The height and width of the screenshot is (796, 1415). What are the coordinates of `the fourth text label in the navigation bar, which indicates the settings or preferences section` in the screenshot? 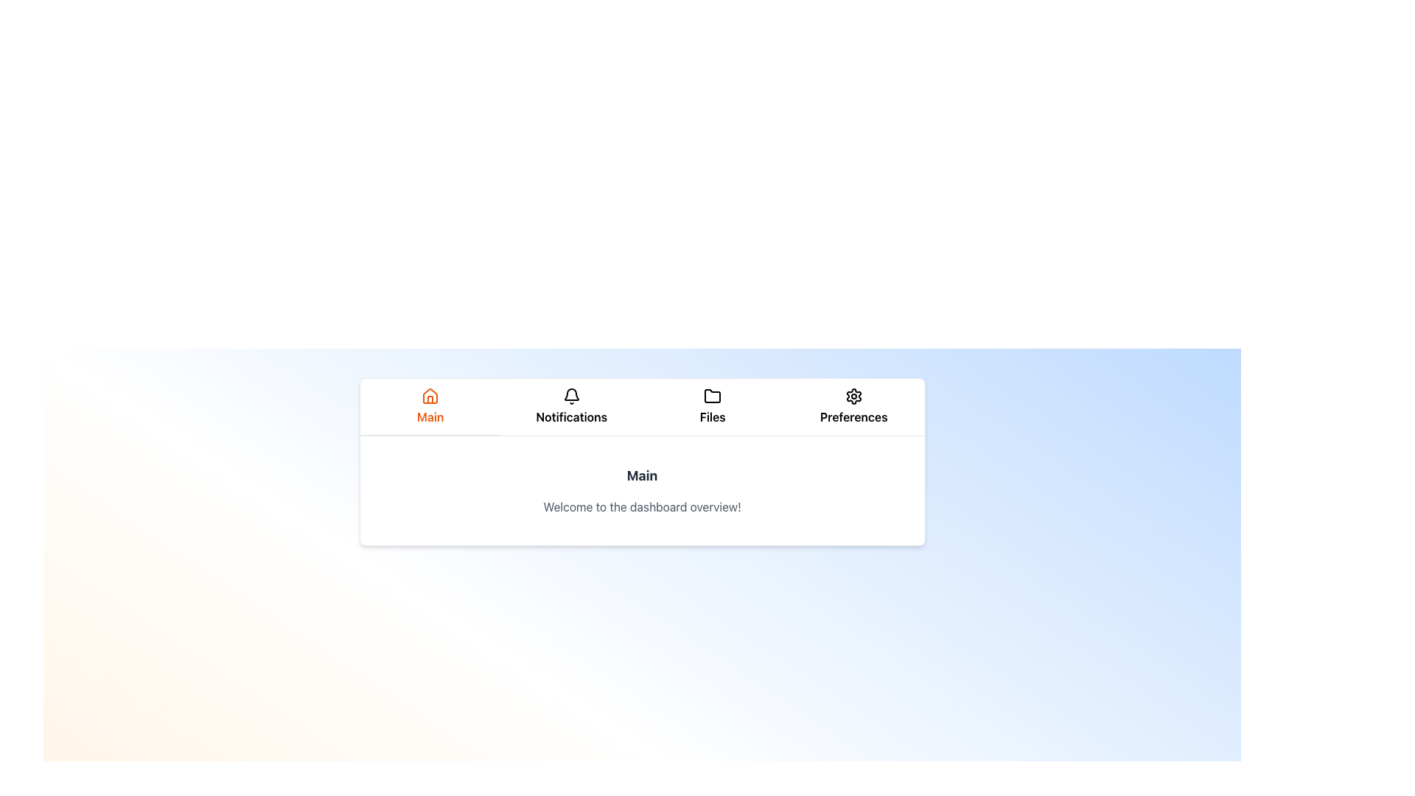 It's located at (853, 417).